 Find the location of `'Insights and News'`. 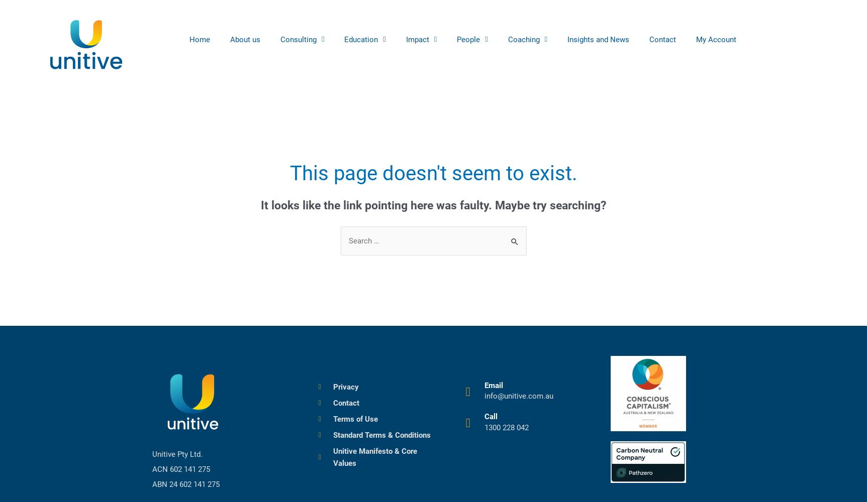

'Insights and News' is located at coordinates (567, 39).